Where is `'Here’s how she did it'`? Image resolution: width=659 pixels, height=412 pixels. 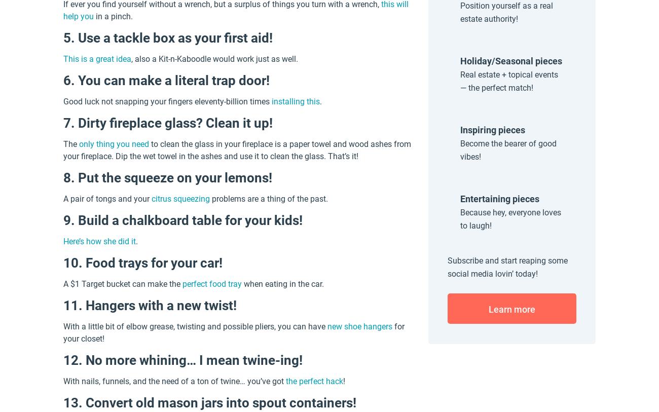 'Here’s how she did it' is located at coordinates (99, 241).